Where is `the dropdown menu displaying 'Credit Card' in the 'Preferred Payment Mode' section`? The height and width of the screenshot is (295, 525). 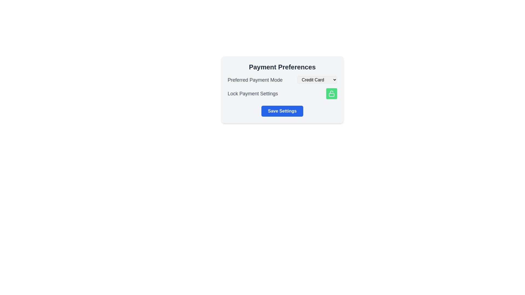 the dropdown menu displaying 'Credit Card' in the 'Preferred Payment Mode' section is located at coordinates (317, 80).